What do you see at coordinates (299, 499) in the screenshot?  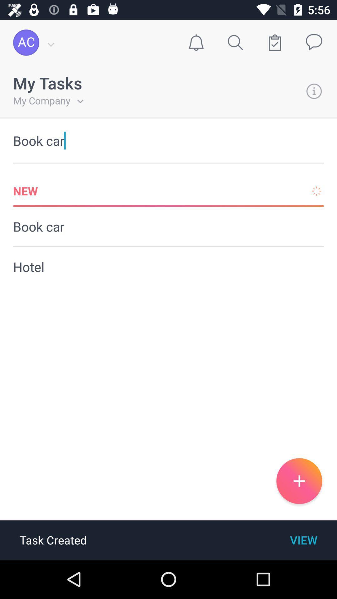 I see `the add icon` at bounding box center [299, 499].